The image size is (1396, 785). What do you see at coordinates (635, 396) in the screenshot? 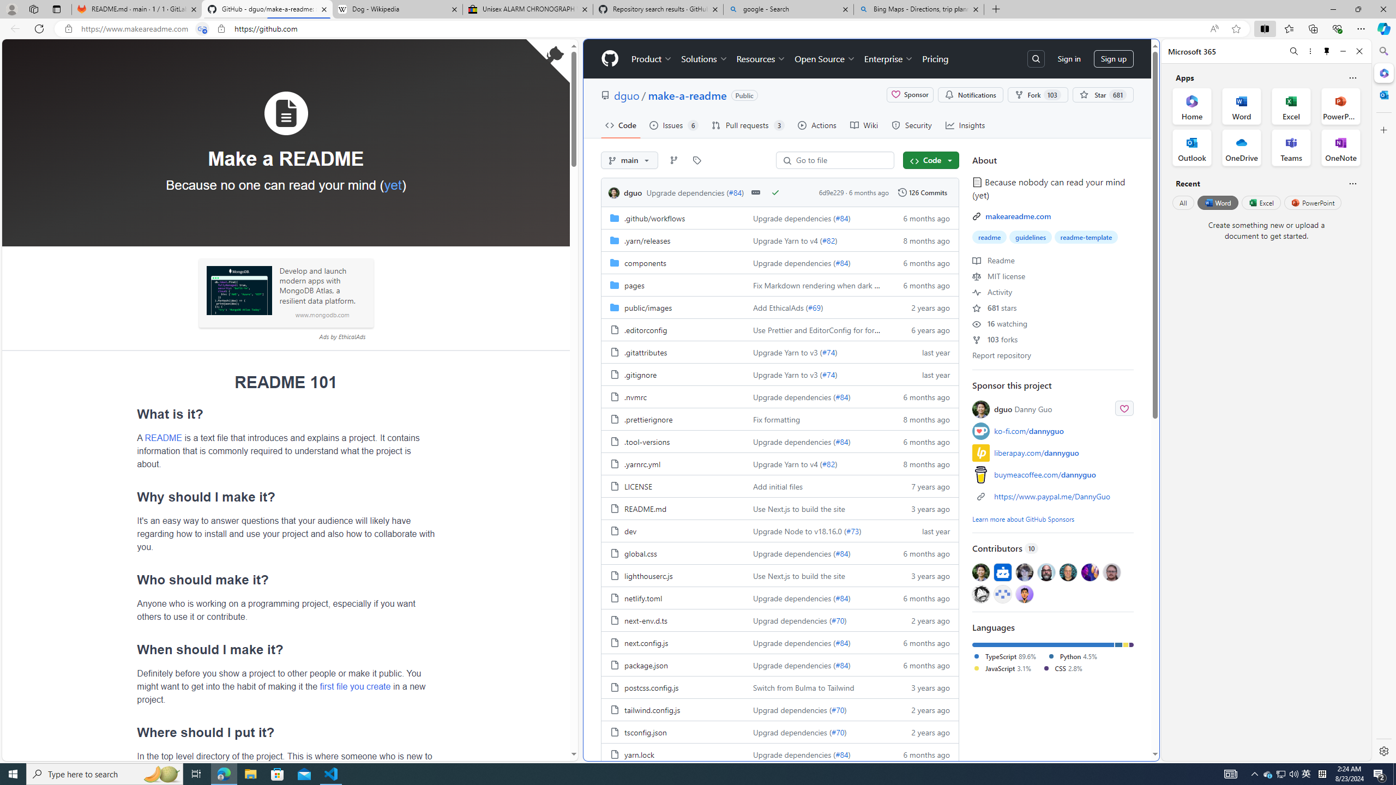
I see `'.nvmrc, (File)'` at bounding box center [635, 396].